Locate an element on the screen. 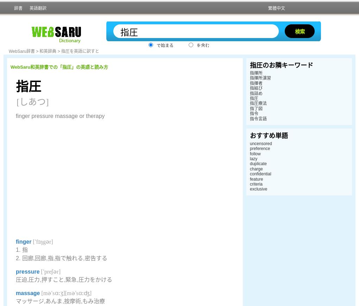 The image size is (359, 306). 'massage' is located at coordinates (28, 293).